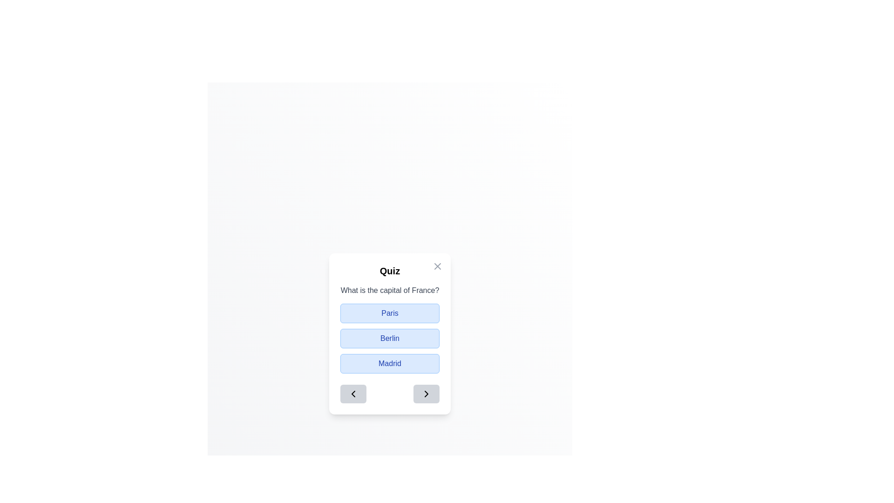 This screenshot has height=503, width=894. I want to click on the button labeled 'Berlin' in the multiple-choice quiz interface, so click(390, 338).